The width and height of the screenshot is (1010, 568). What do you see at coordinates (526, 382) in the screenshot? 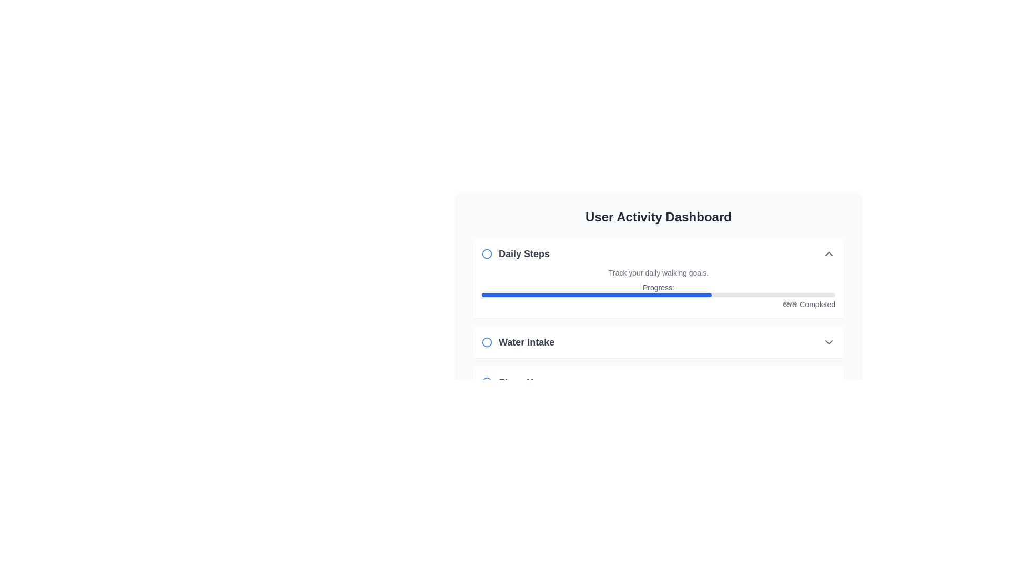
I see `the text label displaying 'Sleep Hours', which is styled prominently in dark gray and positioned to the right of a small circular icon with a blue border` at bounding box center [526, 382].